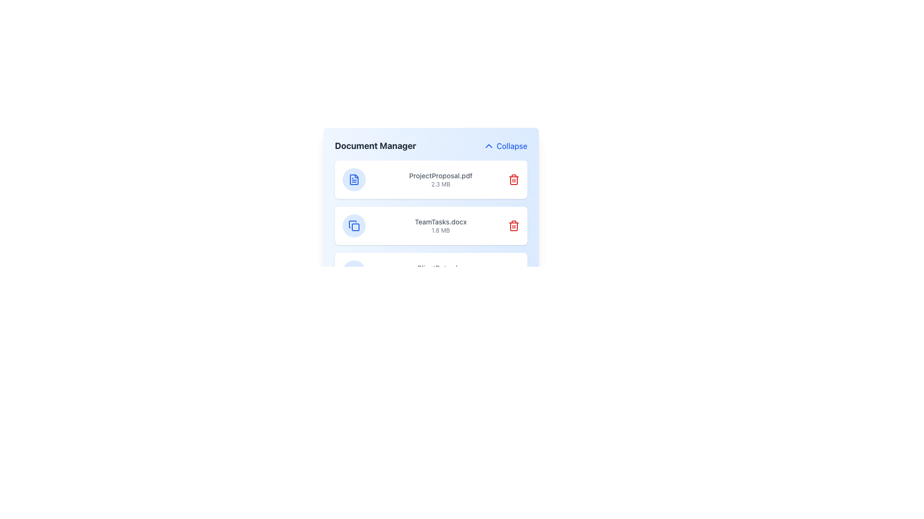  I want to click on the second file entry in the Document Manager grid layout, so click(431, 226).